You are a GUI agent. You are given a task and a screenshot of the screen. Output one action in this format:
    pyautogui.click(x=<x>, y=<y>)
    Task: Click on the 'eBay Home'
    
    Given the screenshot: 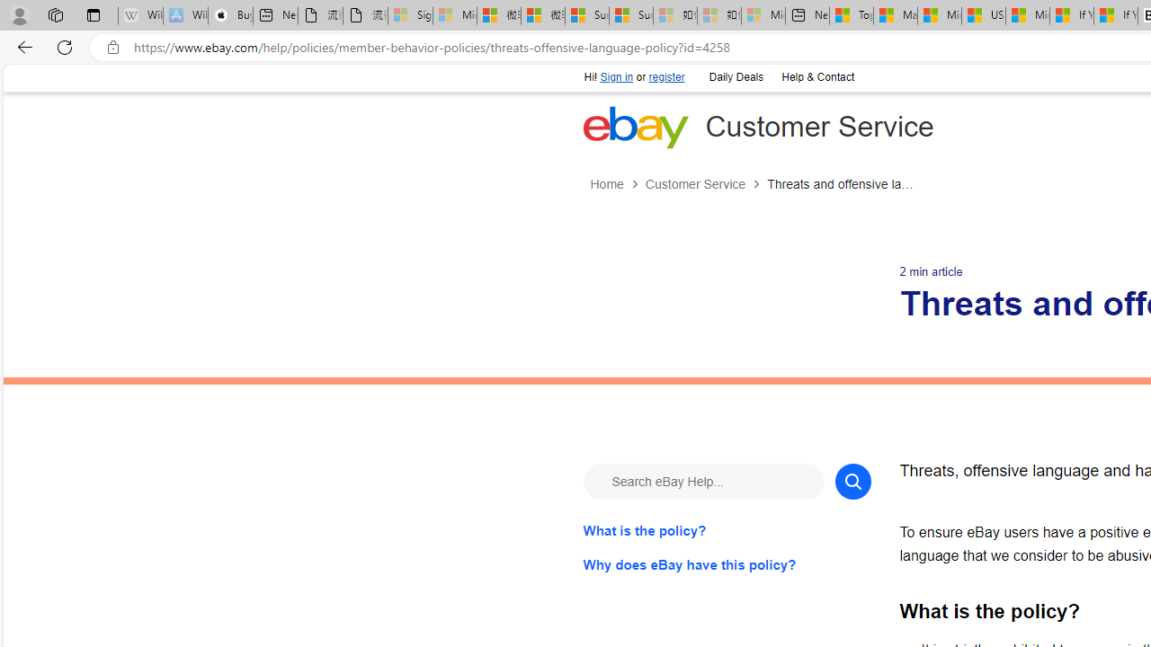 What is the action you would take?
    pyautogui.click(x=635, y=126)
    